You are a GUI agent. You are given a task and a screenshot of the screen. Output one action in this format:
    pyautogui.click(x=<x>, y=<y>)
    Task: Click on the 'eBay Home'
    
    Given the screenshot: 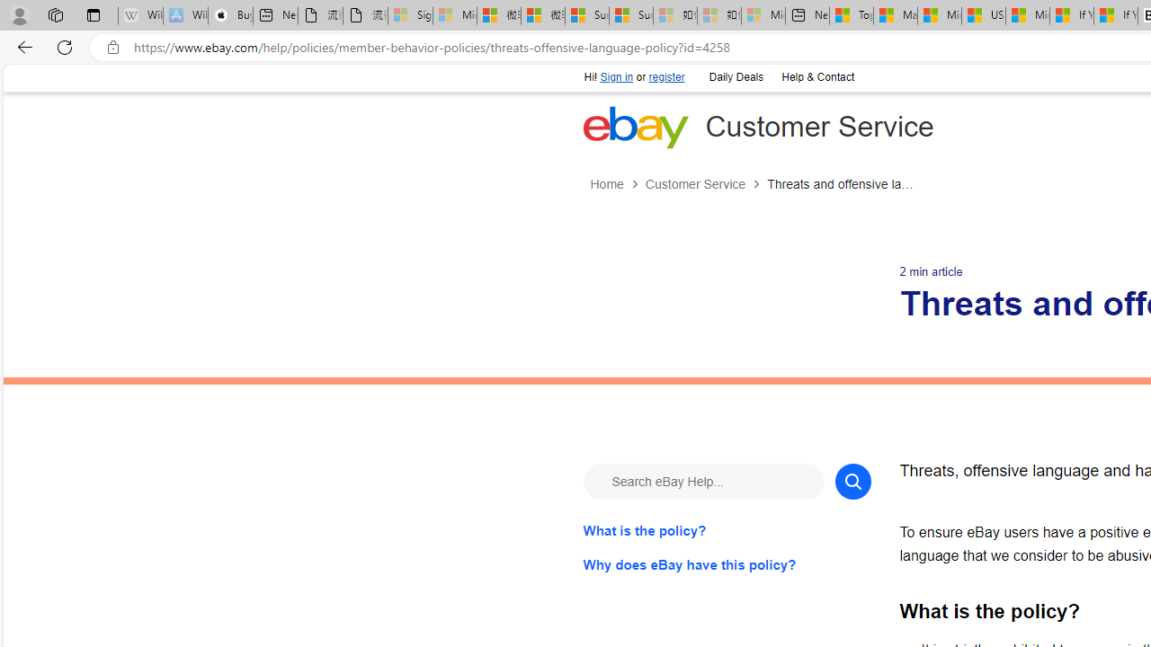 What is the action you would take?
    pyautogui.click(x=635, y=126)
    